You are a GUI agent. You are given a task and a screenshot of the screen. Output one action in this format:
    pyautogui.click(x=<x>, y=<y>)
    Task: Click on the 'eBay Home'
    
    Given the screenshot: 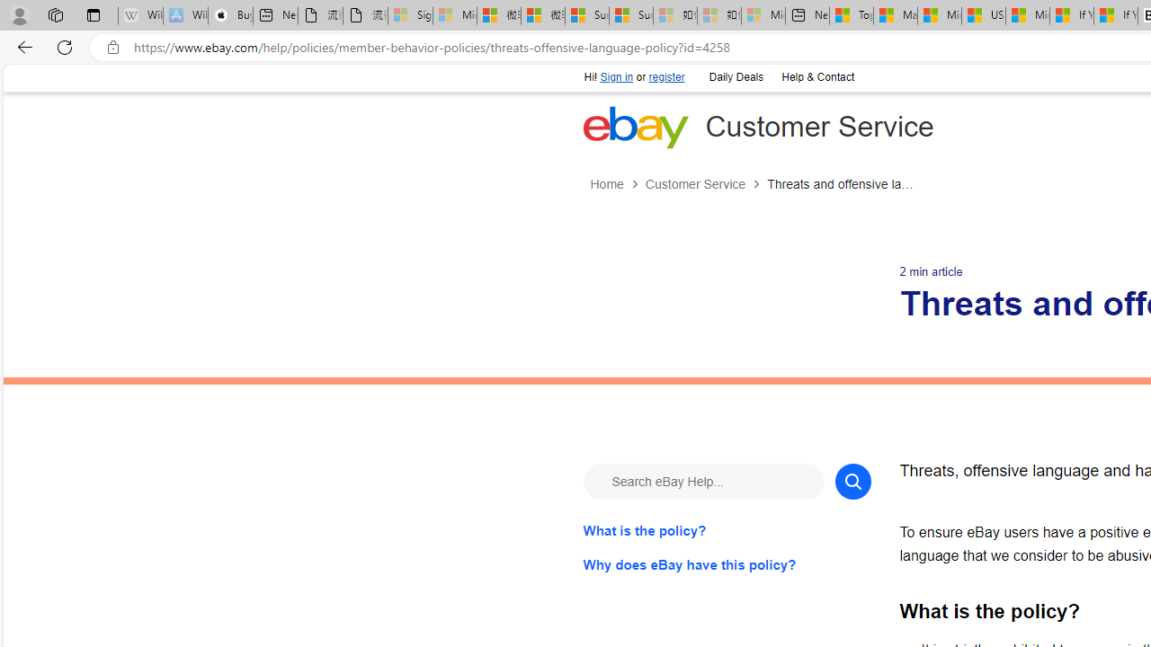 What is the action you would take?
    pyautogui.click(x=635, y=126)
    